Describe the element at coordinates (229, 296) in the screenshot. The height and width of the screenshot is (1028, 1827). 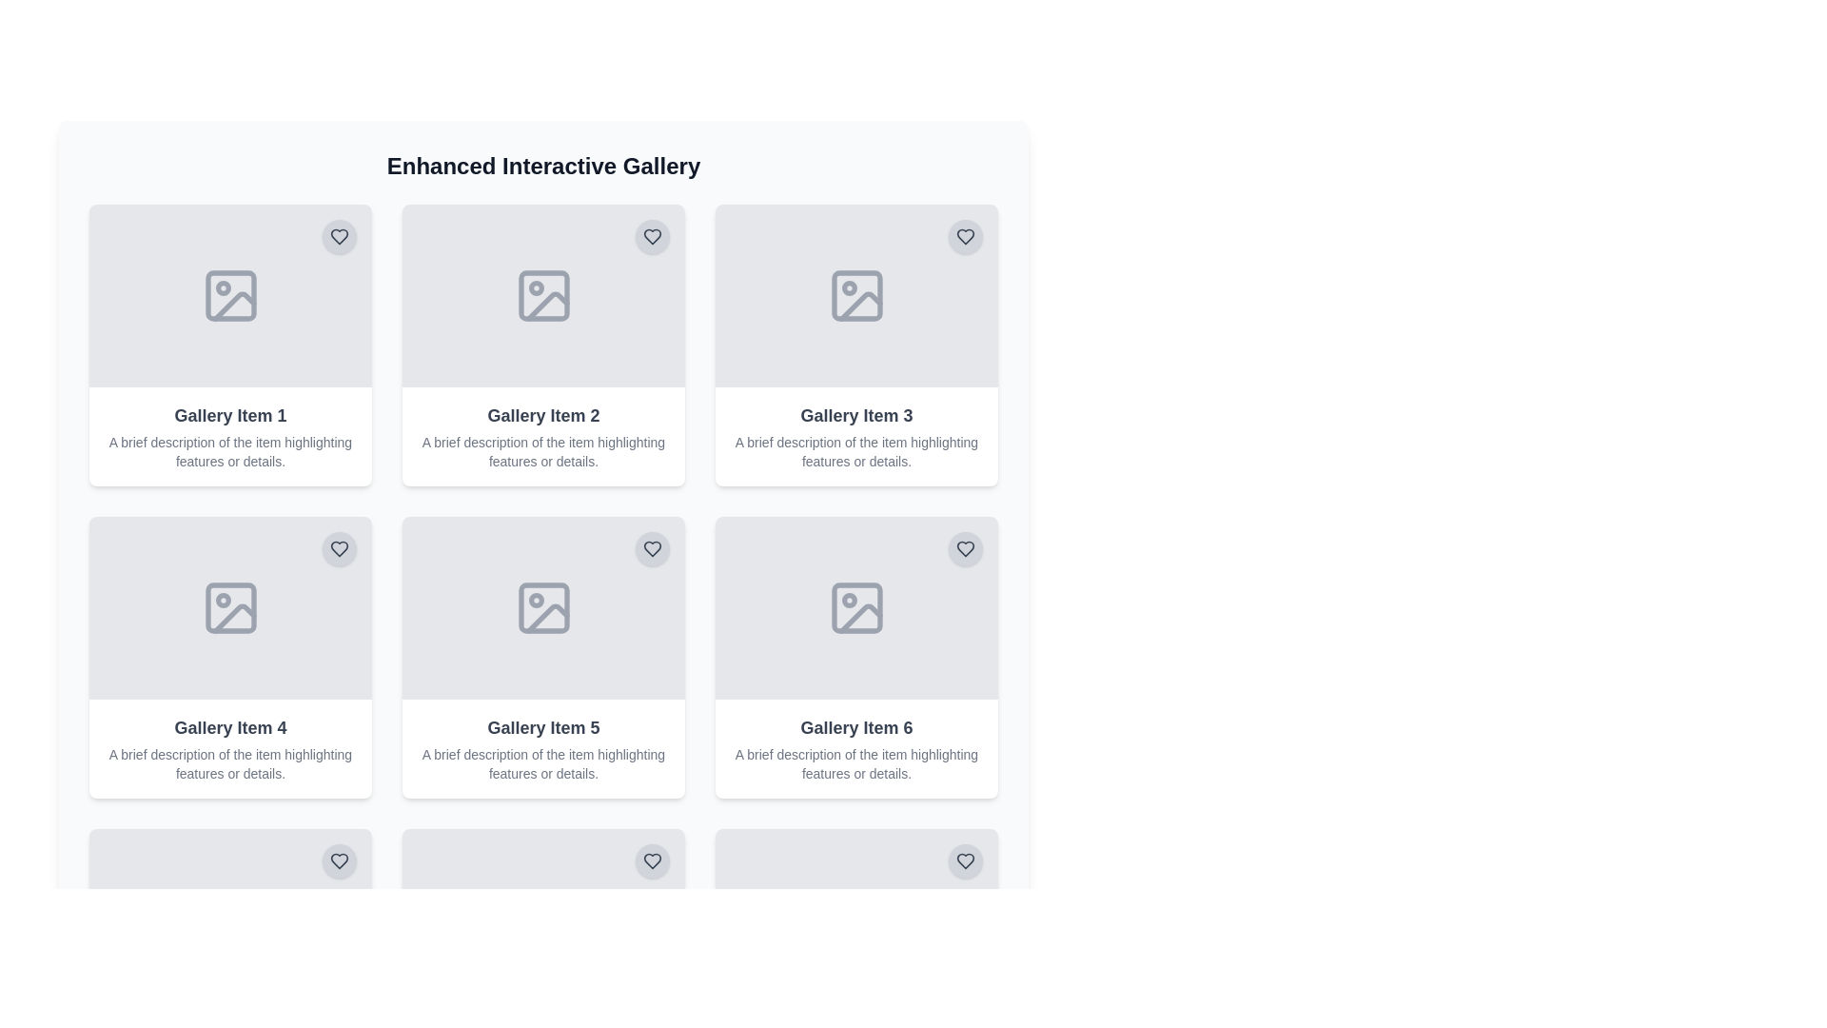
I see `the small square with rounded corners located in the upper left portion of the image icon of 'Gallery Item 1' in the gallery grid layout` at that location.